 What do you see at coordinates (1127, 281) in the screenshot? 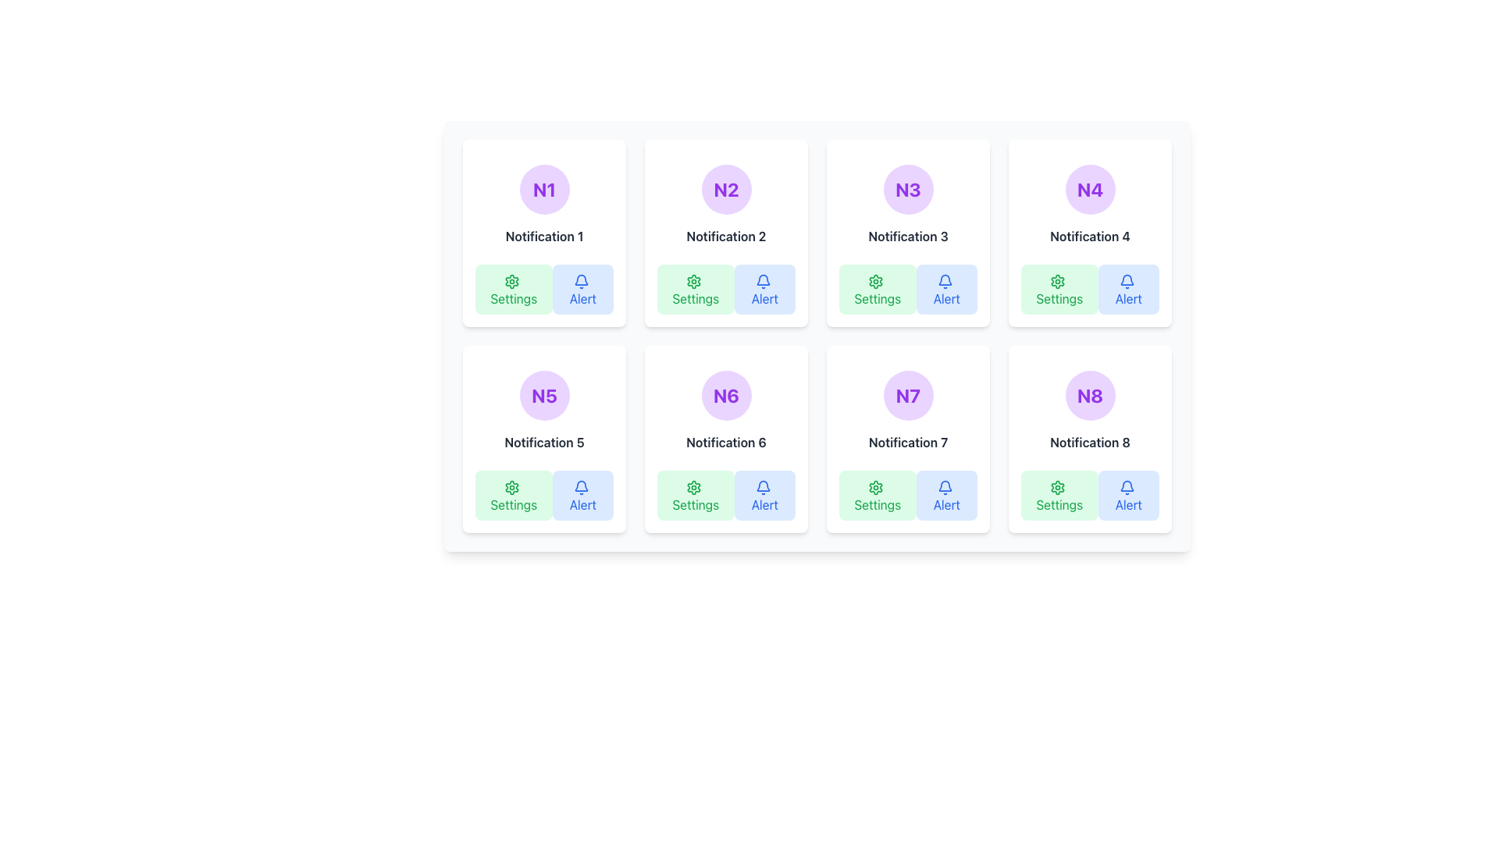
I see `the 'Alert' button that contains the bell-shaped notification icon, which is located in the bottom-right section of the 'Notification 4' card` at bounding box center [1127, 281].